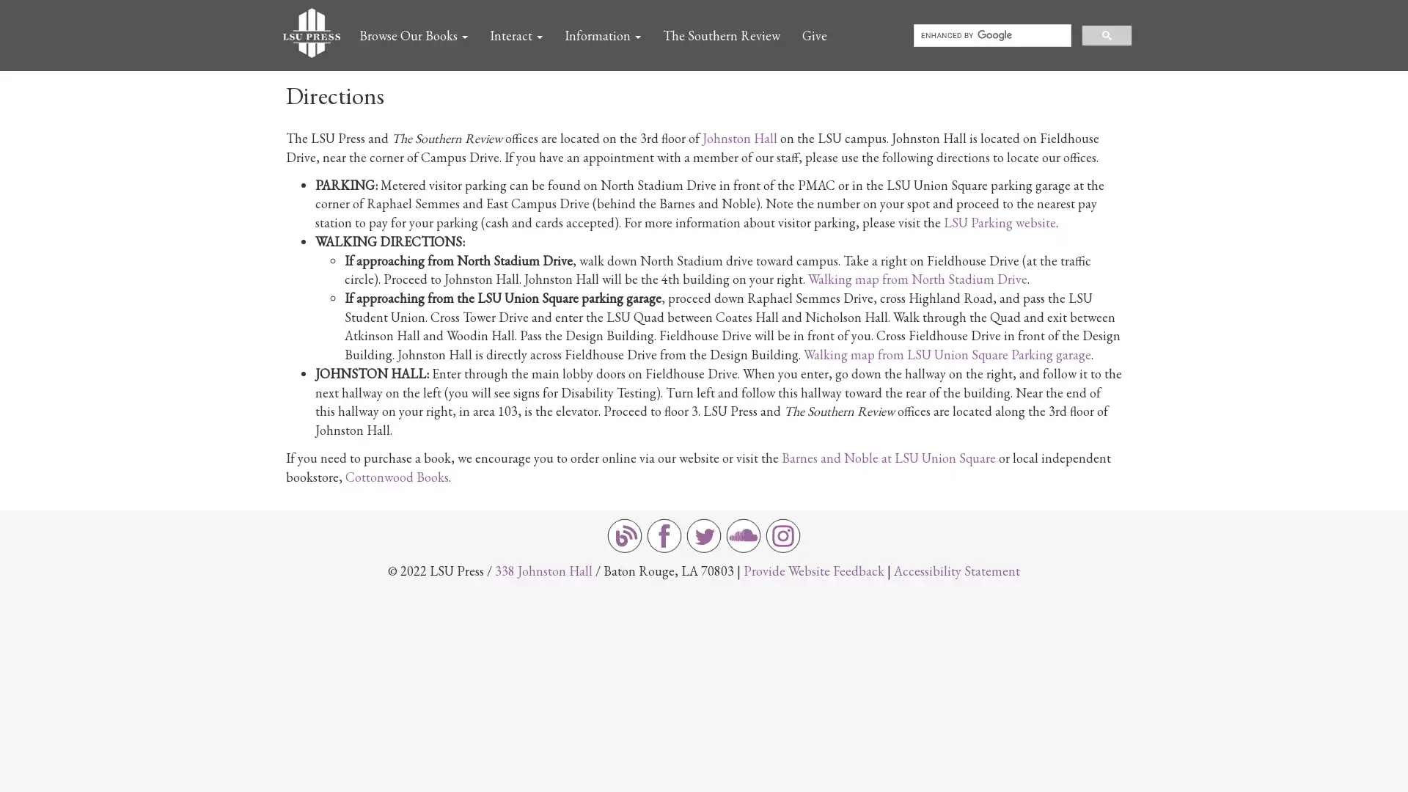 The image size is (1408, 792). Describe the element at coordinates (1107, 34) in the screenshot. I see `search` at that location.